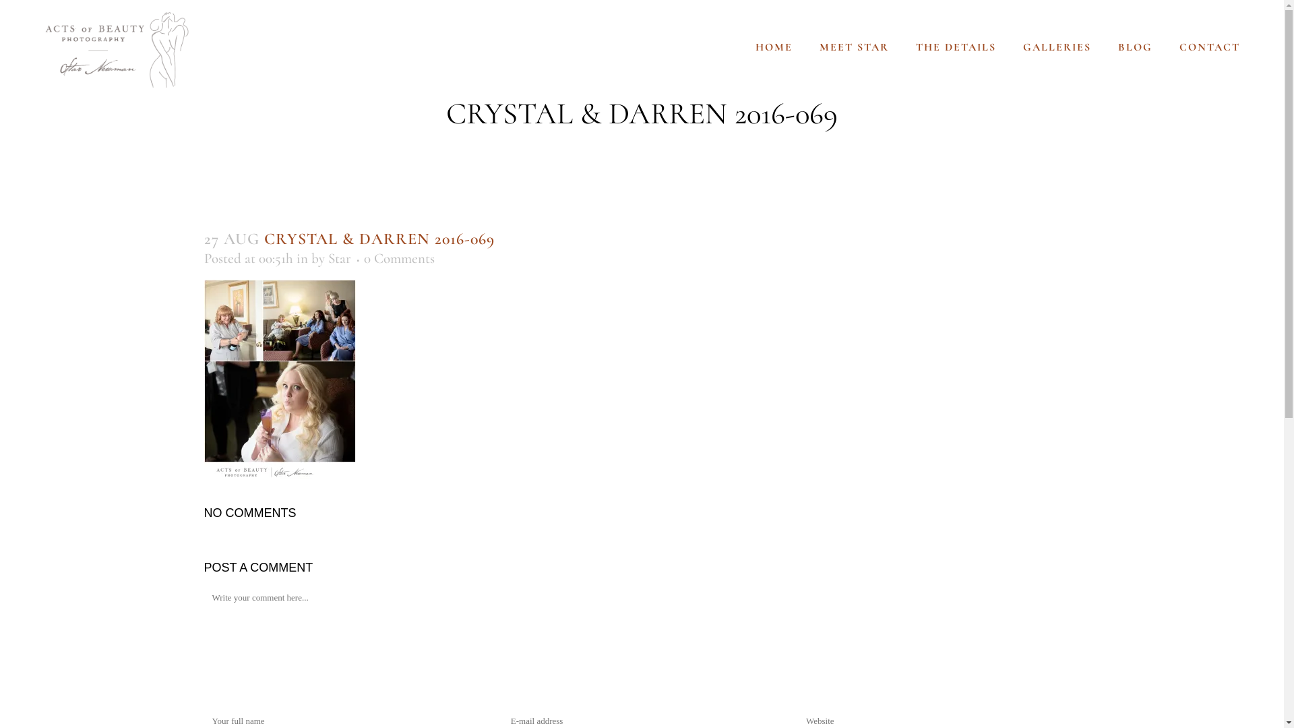 The image size is (1294, 728). I want to click on 'GALLERIES', so click(1056, 46).